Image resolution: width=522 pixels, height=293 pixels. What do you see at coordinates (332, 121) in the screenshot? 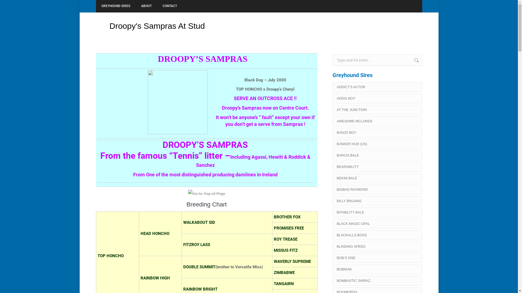
I see `'AWESOME MCLAREN'` at bounding box center [332, 121].